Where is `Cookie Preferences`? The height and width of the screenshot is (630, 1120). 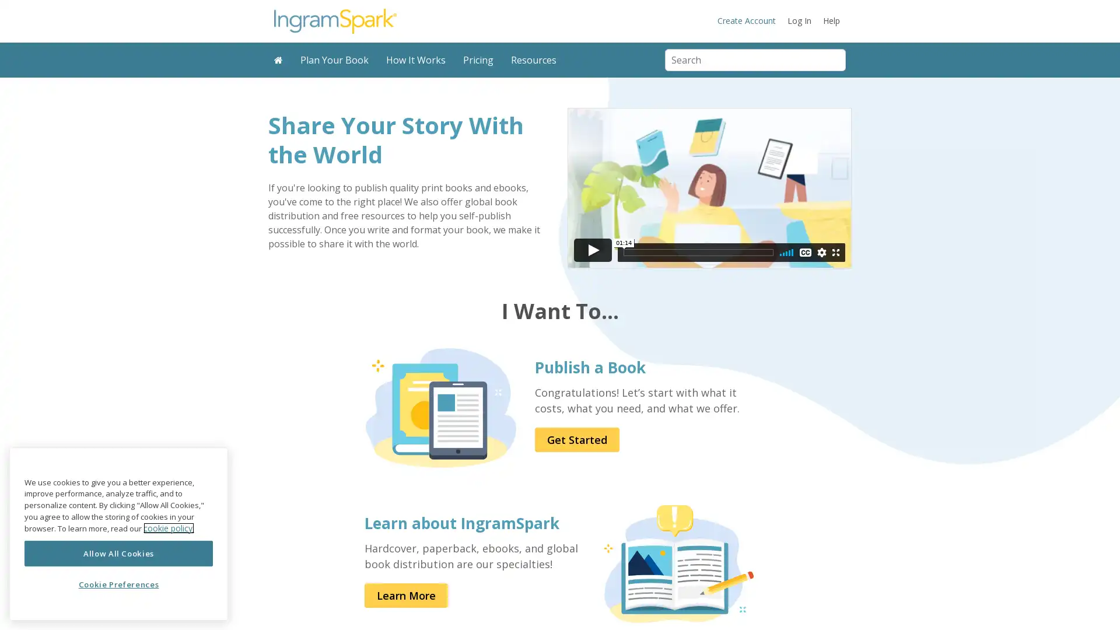 Cookie Preferences is located at coordinates (118, 584).